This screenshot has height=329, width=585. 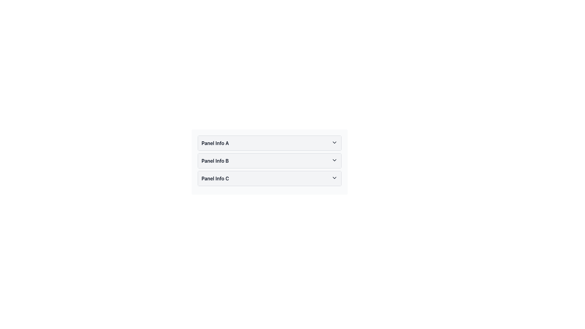 I want to click on the 'Panel Info B' collapsible panel, so click(x=269, y=162).